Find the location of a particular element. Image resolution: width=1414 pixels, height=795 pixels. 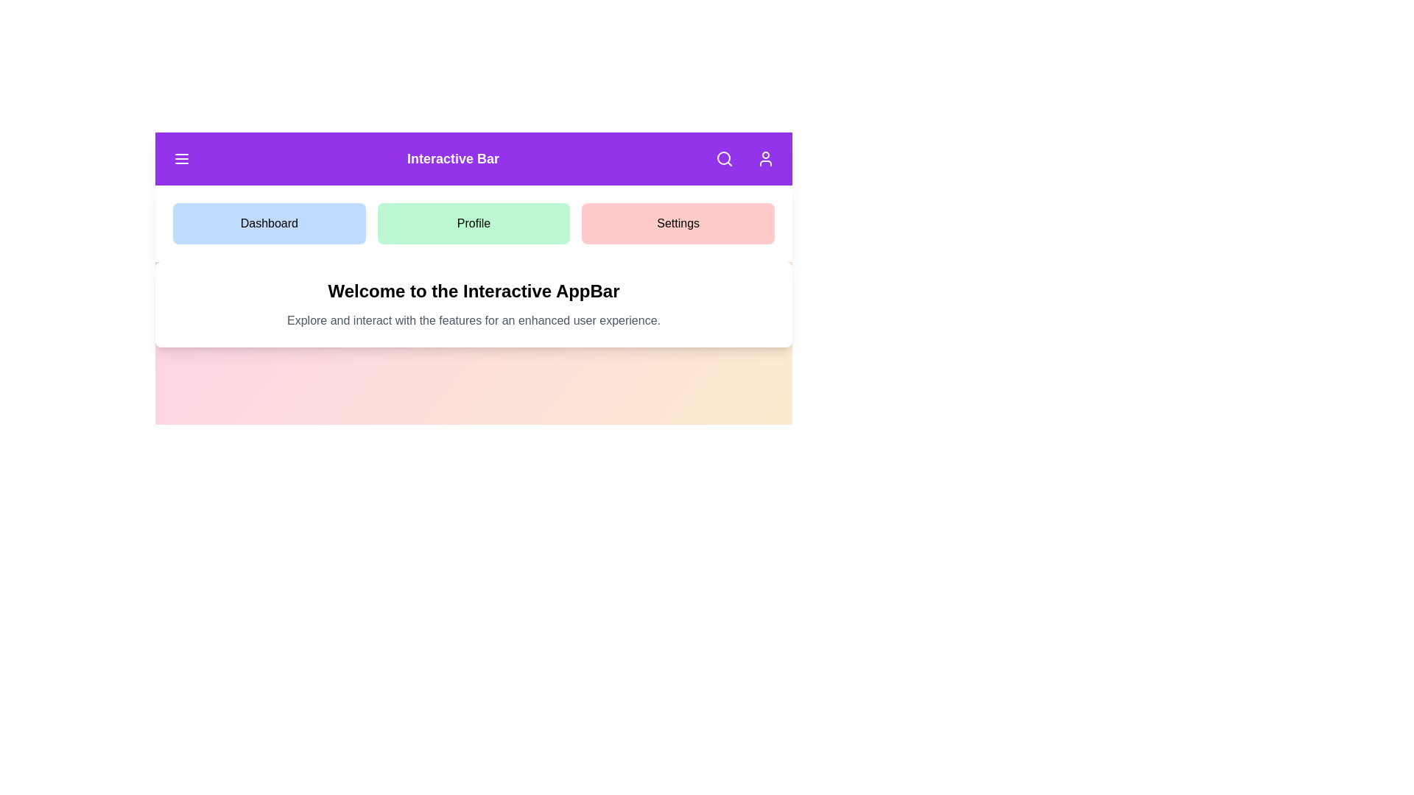

the search icon to access the search feature is located at coordinates (724, 159).